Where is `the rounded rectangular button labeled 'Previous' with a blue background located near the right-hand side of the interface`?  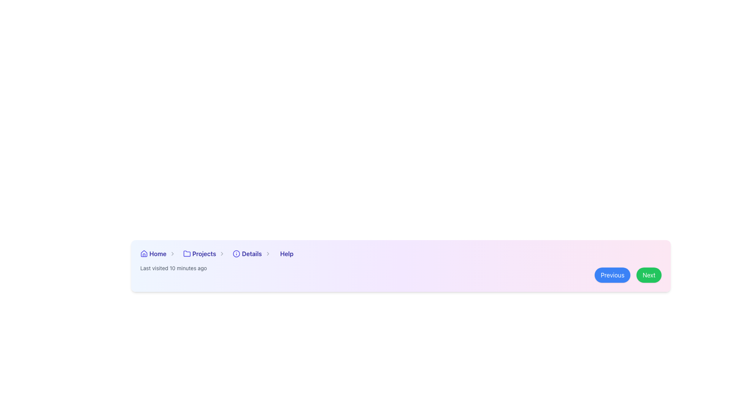
the rounded rectangular button labeled 'Previous' with a blue background located near the right-hand side of the interface is located at coordinates (613, 275).